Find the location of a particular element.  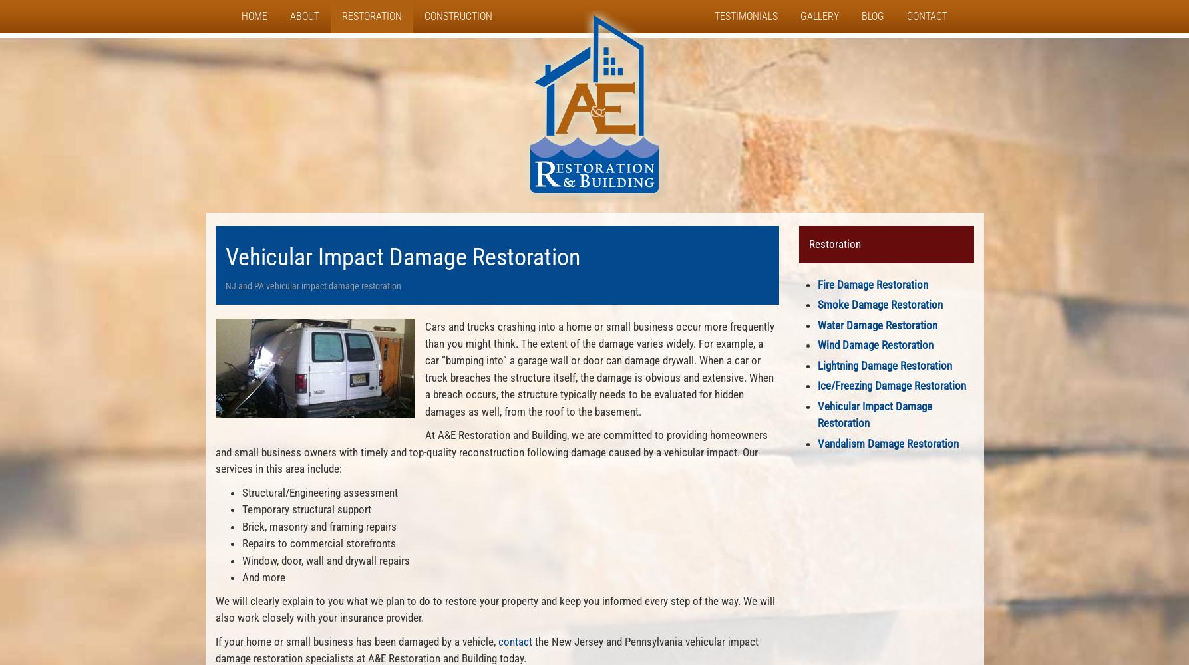

'Water Damage Restoration' is located at coordinates (876, 324).